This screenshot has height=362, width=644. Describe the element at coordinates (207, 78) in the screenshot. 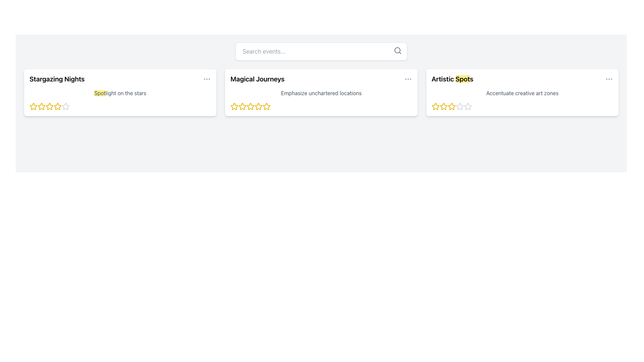

I see `the Ellipsis Menu icon located at the rightmost part of the 'Stargazing Nights' section` at that location.